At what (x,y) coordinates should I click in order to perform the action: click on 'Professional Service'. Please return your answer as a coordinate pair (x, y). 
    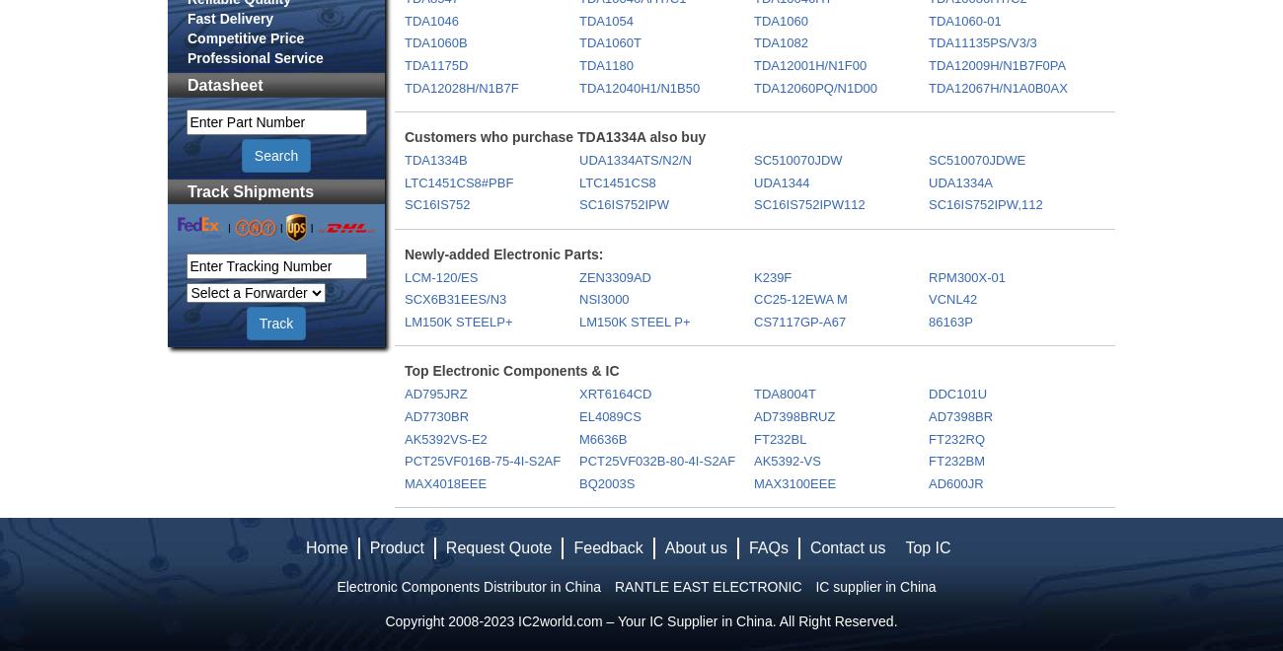
    Looking at the image, I should click on (254, 57).